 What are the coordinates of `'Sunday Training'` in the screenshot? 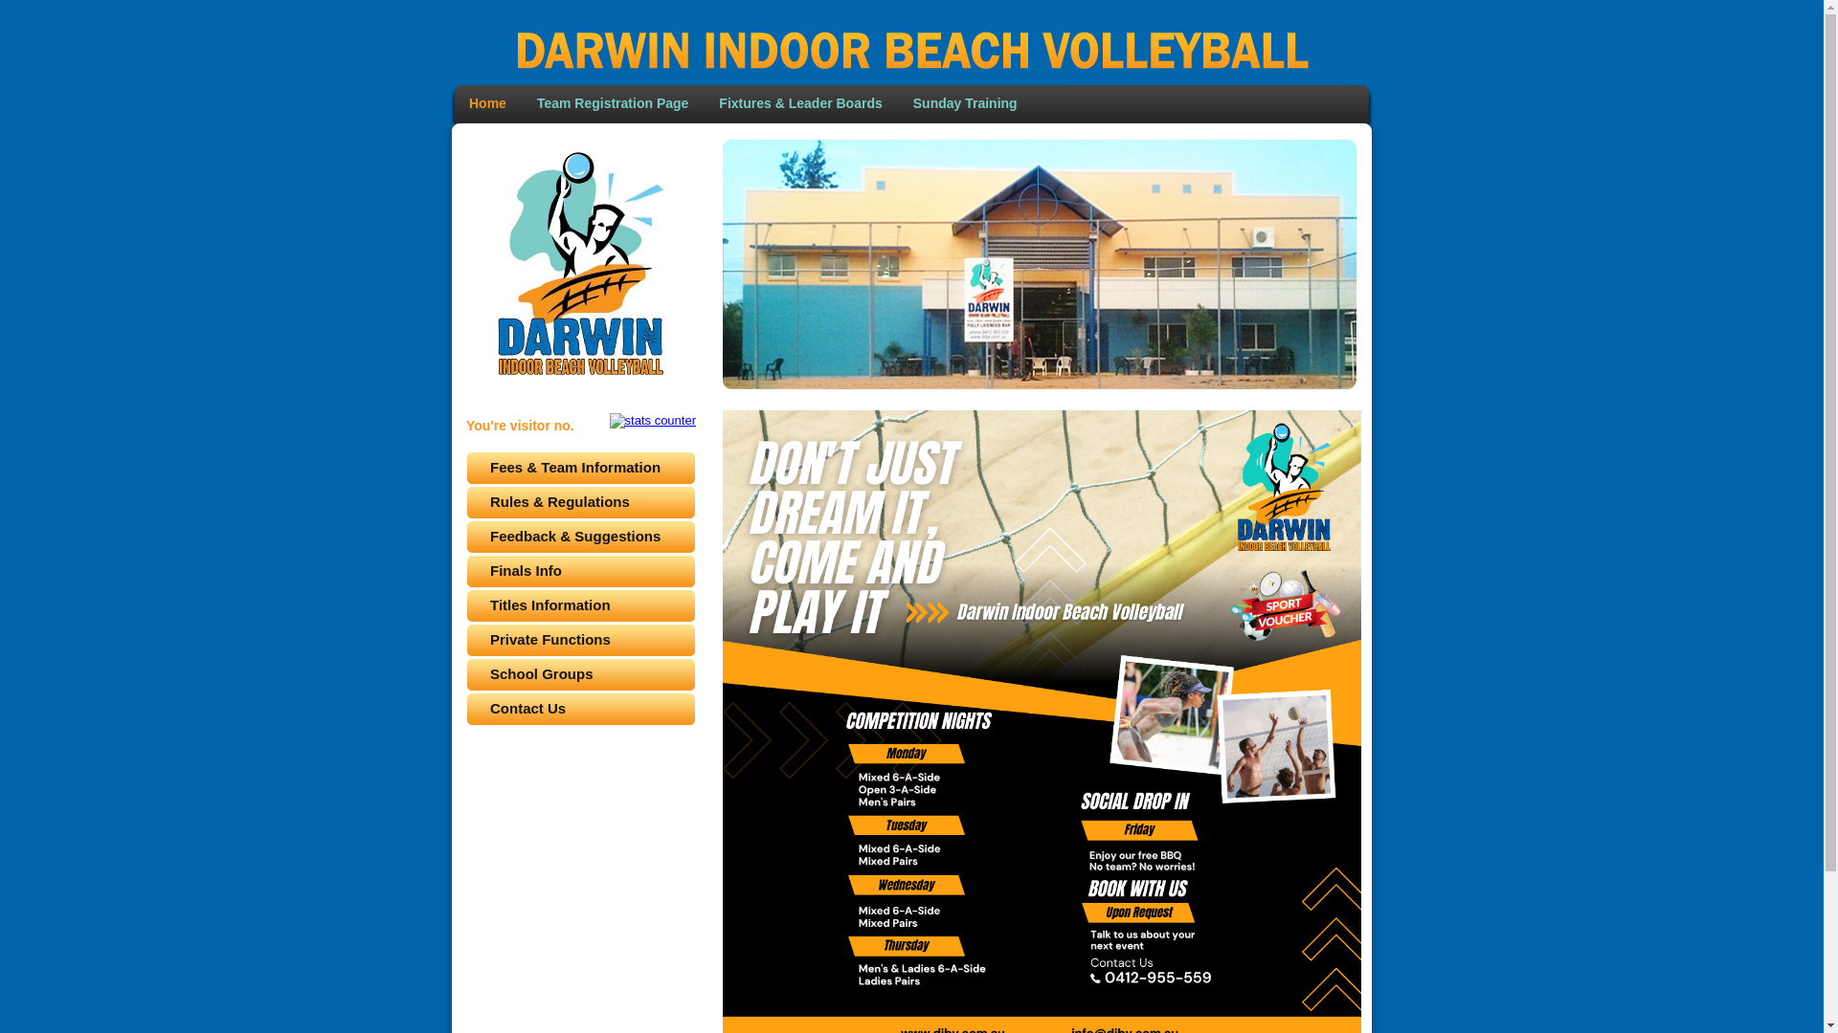 It's located at (965, 103).